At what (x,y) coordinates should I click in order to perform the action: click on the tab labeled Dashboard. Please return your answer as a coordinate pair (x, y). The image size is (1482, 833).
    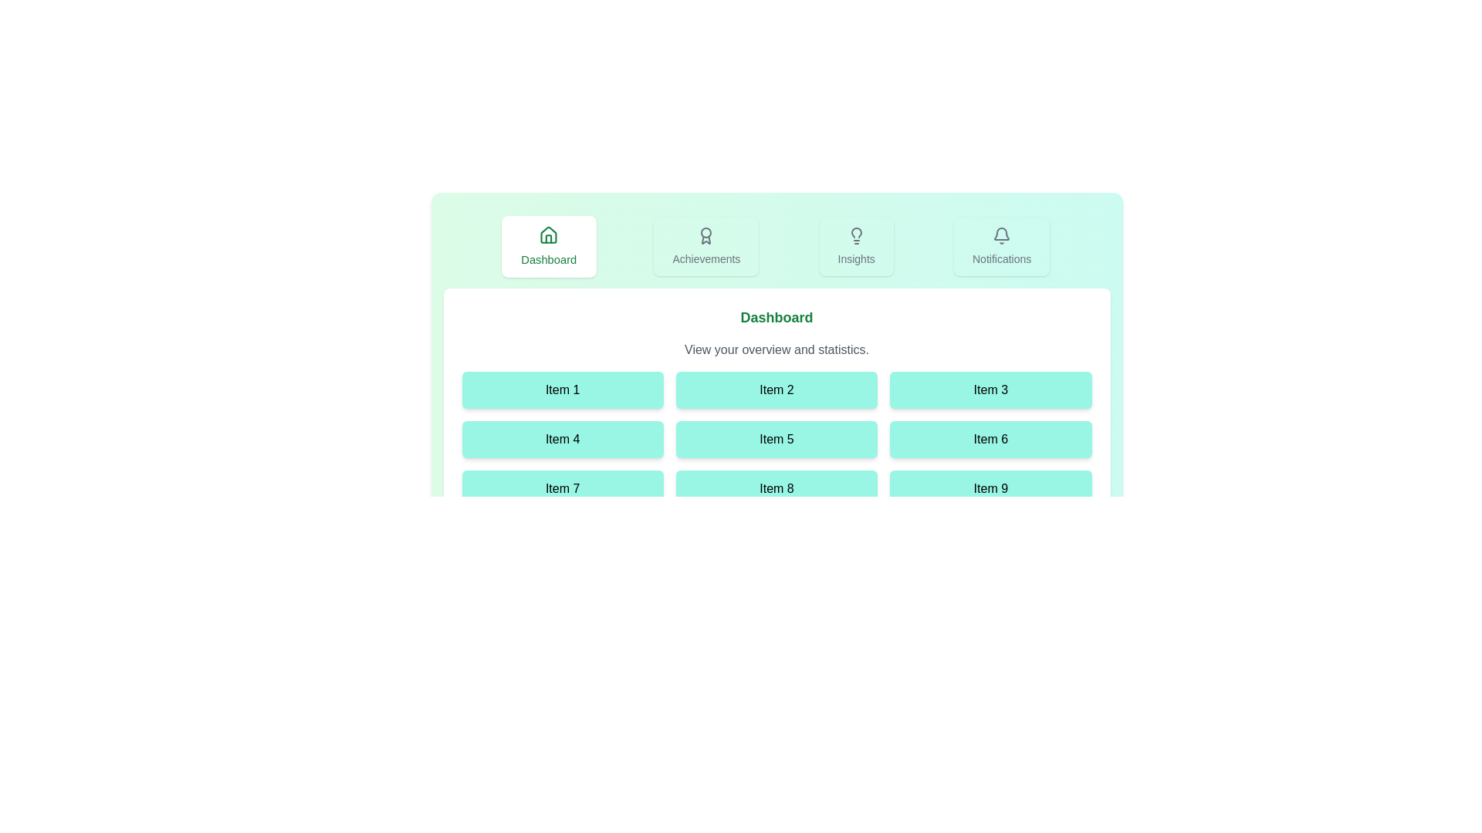
    Looking at the image, I should click on (548, 246).